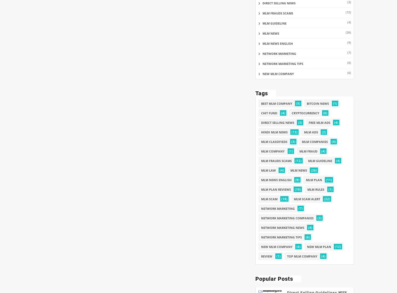 The image size is (397, 293). What do you see at coordinates (291, 113) in the screenshot?
I see `'Cryptocurrency'` at bounding box center [291, 113].